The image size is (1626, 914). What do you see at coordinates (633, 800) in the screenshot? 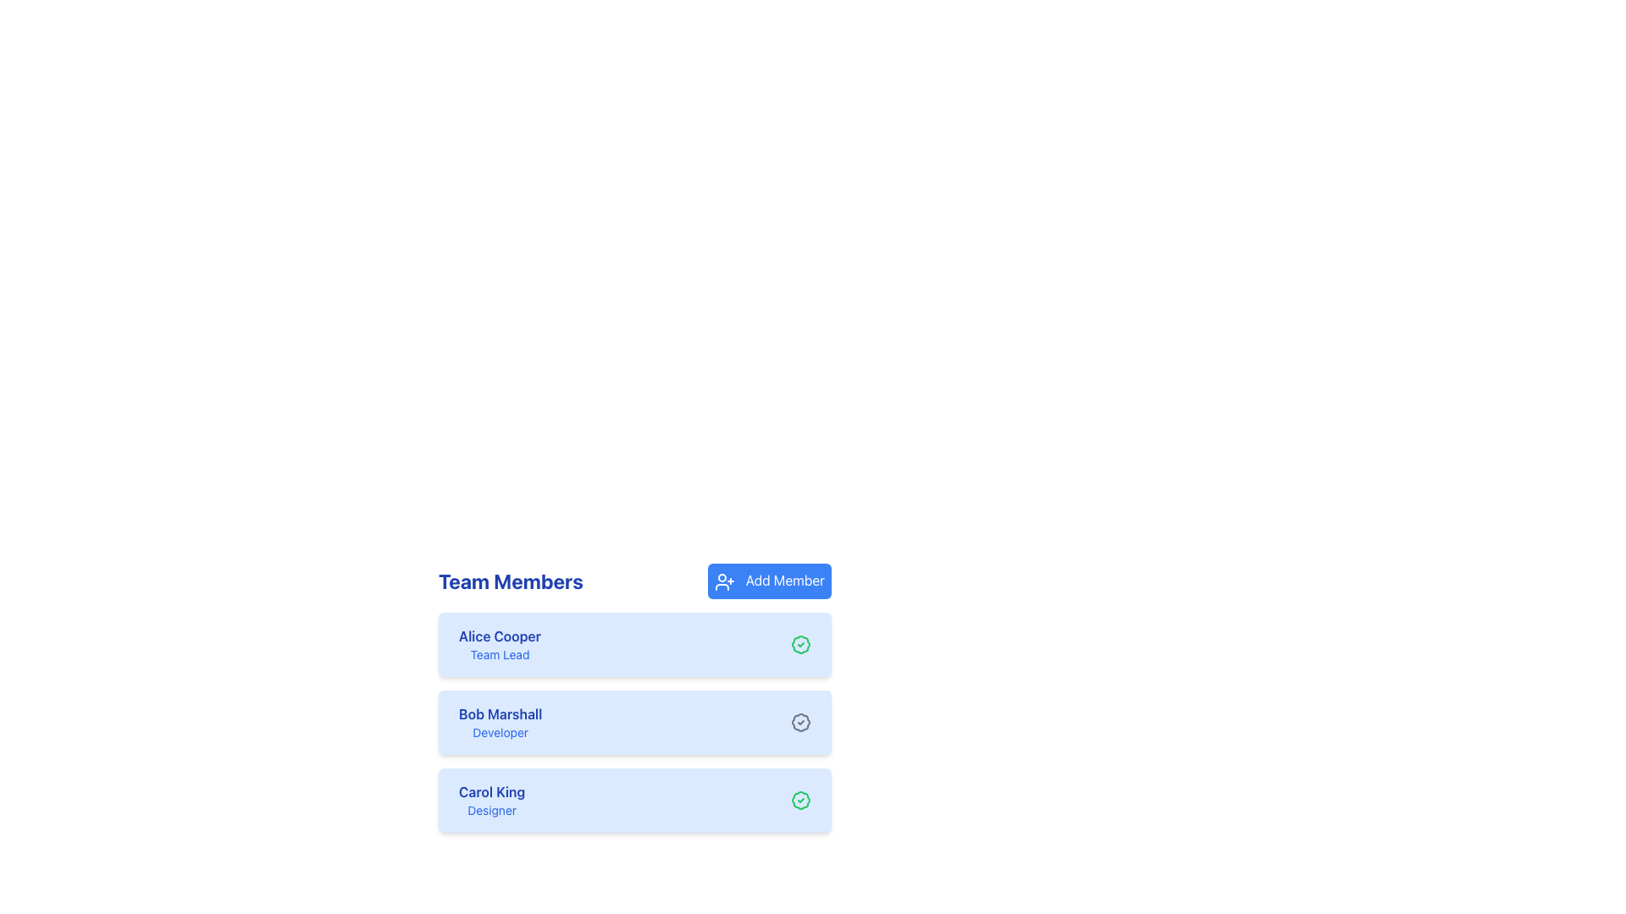
I see `text content of the third item in the 'Team Members' list, which displays 'Carol King' in bold blue and 'Designer' in lighter blue, with a green checkmark icon on the right` at bounding box center [633, 800].